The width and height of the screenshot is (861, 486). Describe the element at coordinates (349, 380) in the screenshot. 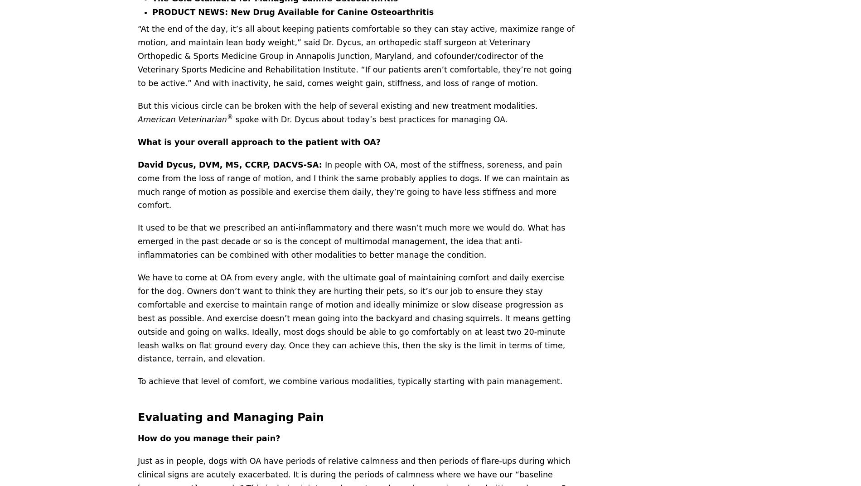

I see `'To achieve that level of comfort, we combine various modalities, typically starting with pain management.'` at that location.